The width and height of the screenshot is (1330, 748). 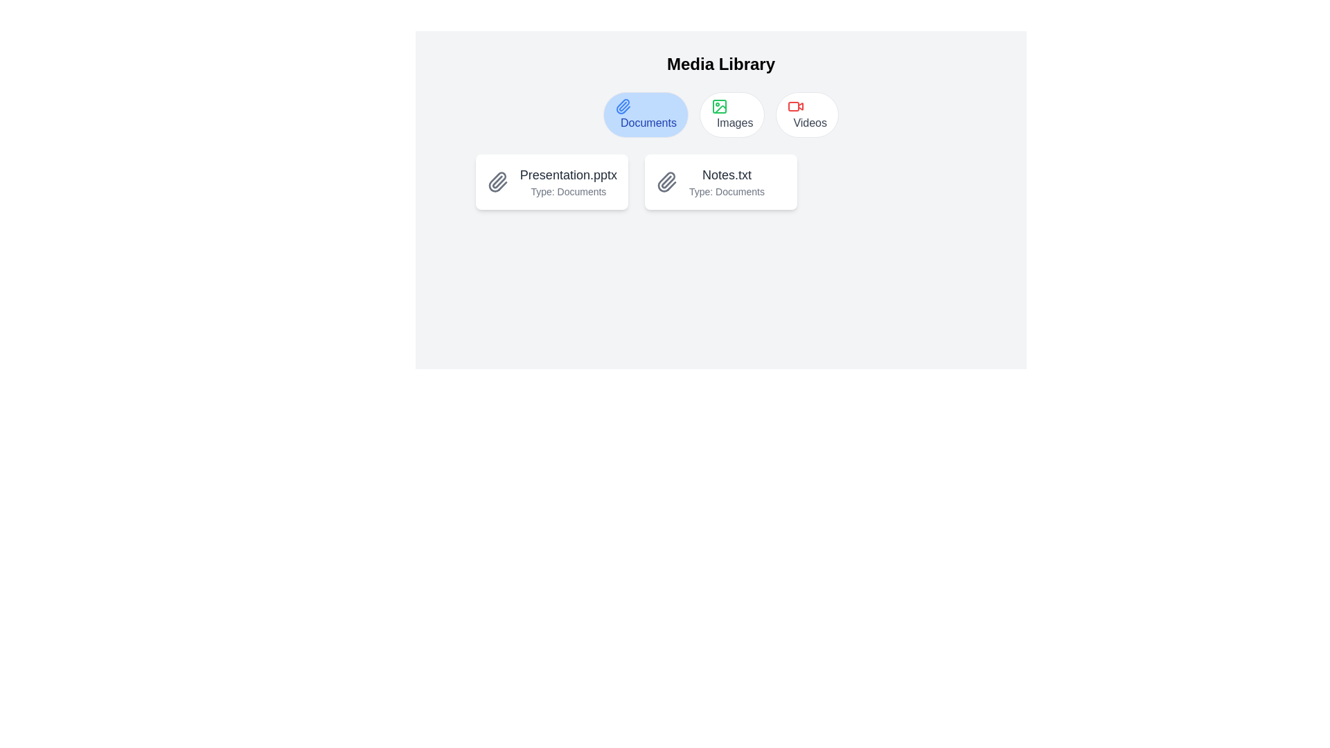 I want to click on the text label located below 'Notes.txt' in the second column, so click(x=726, y=192).